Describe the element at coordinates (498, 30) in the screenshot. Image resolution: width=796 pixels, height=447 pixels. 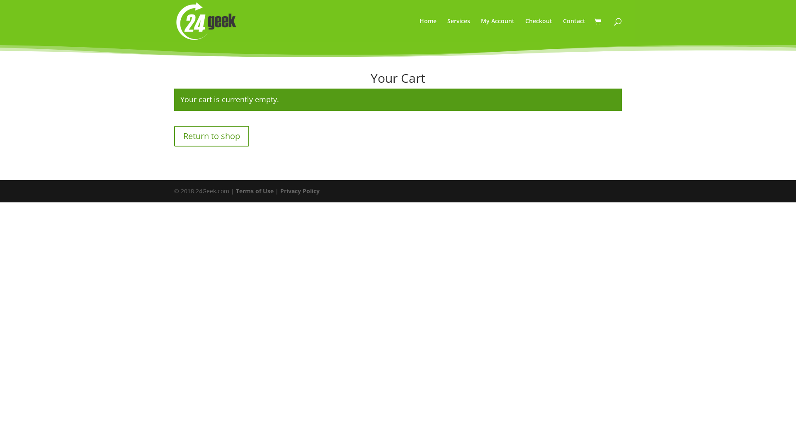
I see `'My Account'` at that location.